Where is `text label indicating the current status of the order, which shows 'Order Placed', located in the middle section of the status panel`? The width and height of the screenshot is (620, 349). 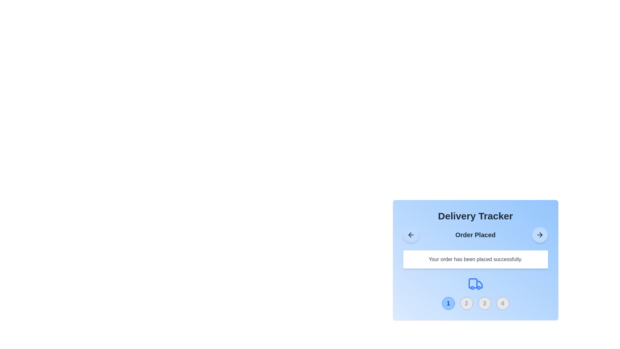
text label indicating the current status of the order, which shows 'Order Placed', located in the middle section of the status panel is located at coordinates (475, 235).